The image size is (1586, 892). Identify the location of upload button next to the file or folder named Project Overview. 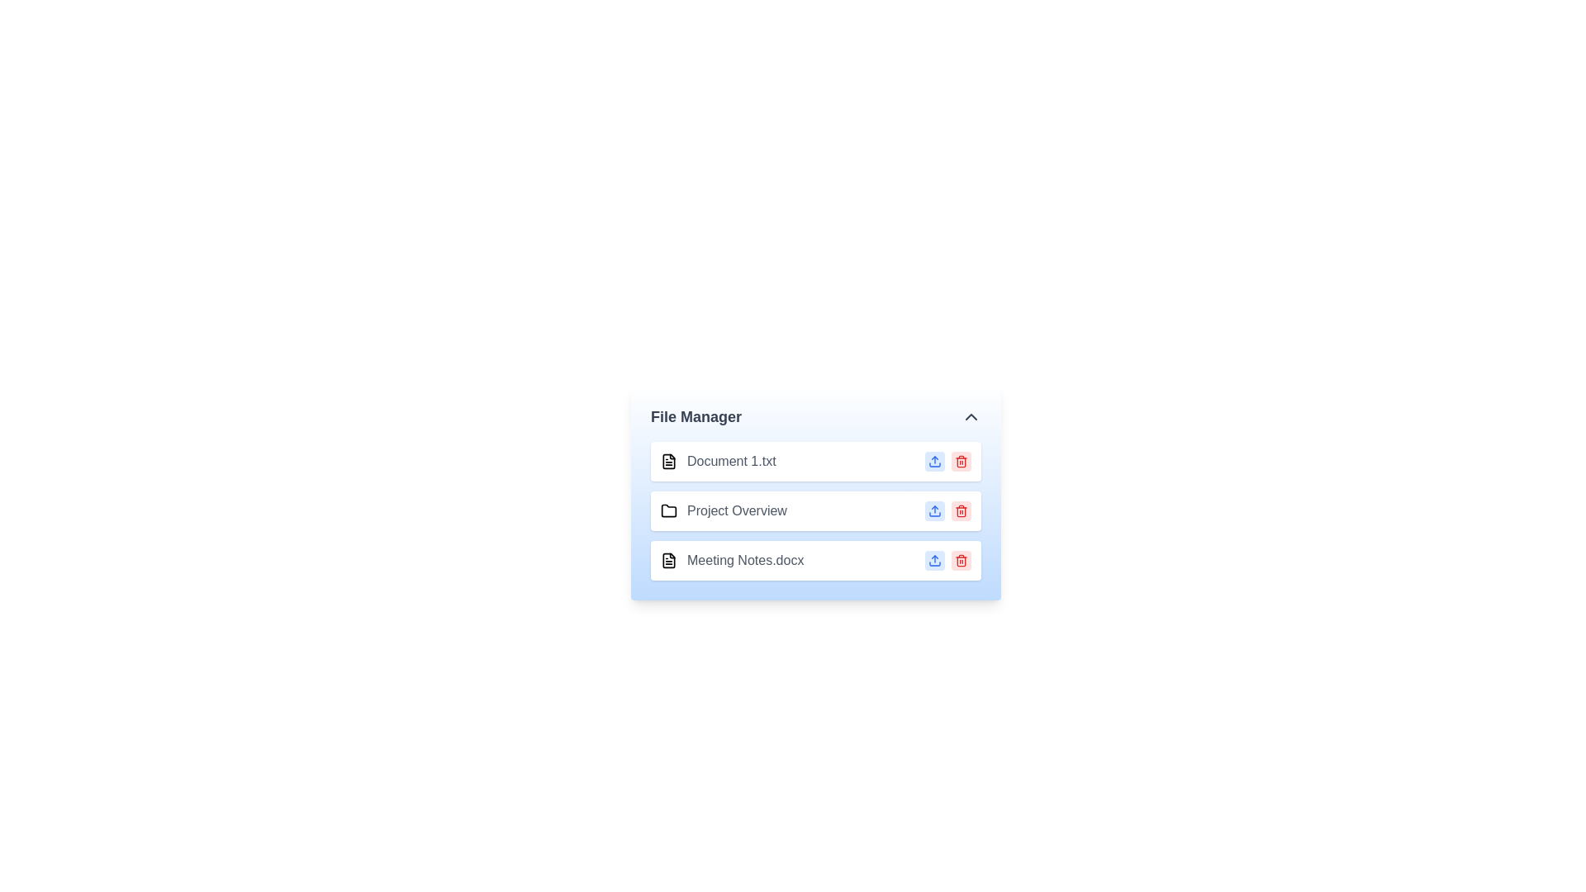
(935, 510).